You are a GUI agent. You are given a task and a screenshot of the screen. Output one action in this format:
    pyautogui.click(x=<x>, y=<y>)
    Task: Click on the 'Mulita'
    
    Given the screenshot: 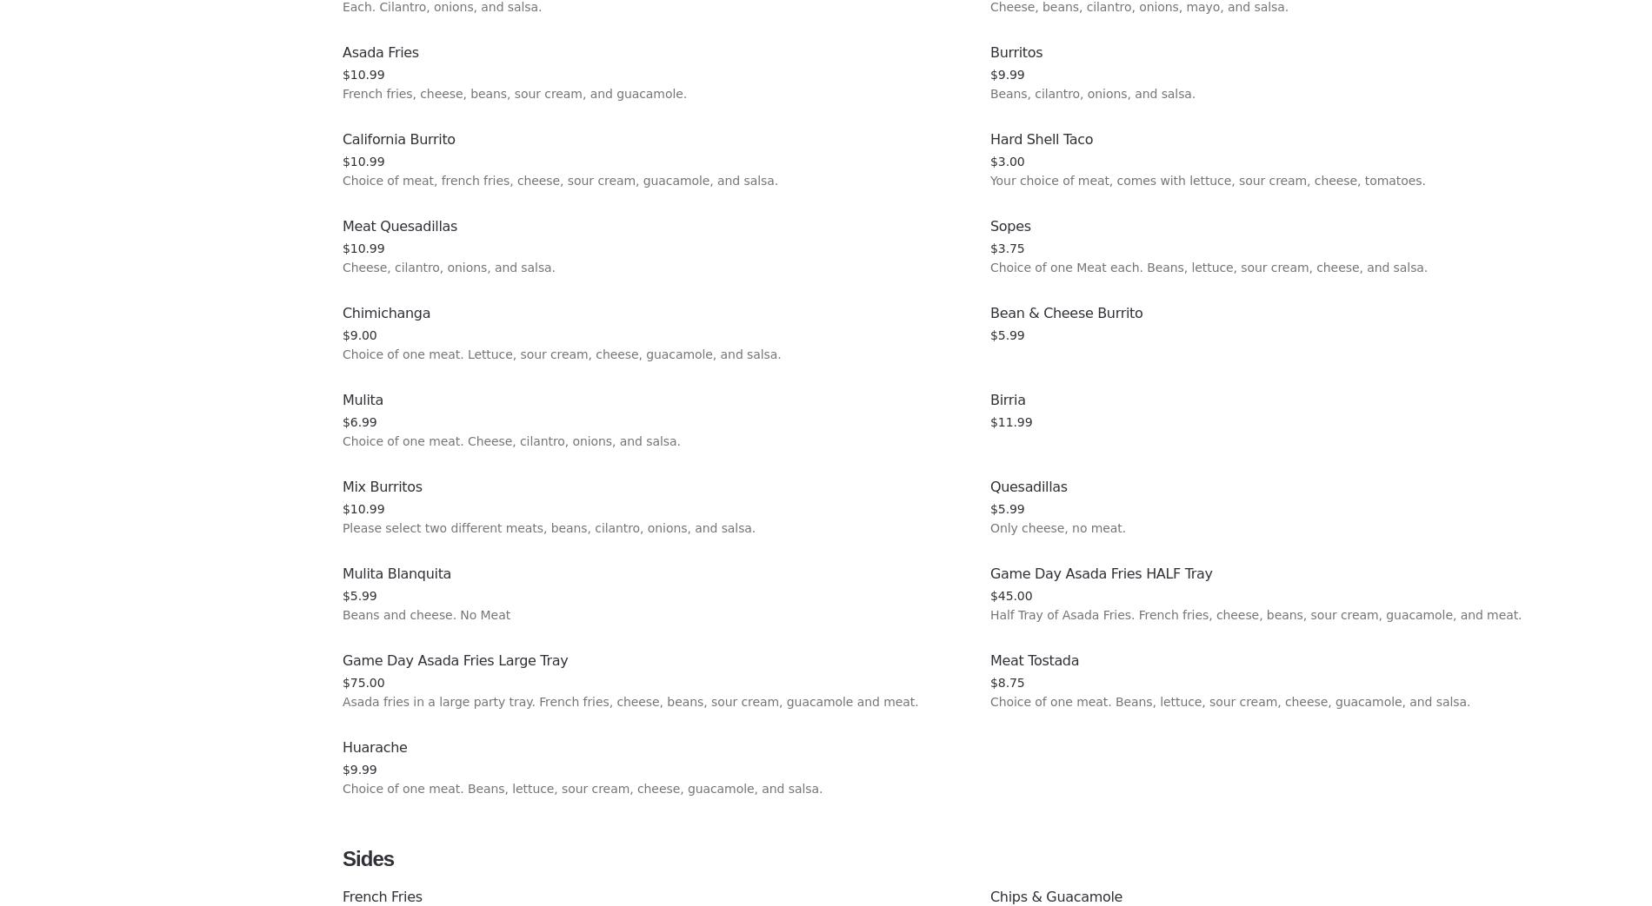 What is the action you would take?
    pyautogui.click(x=362, y=399)
    